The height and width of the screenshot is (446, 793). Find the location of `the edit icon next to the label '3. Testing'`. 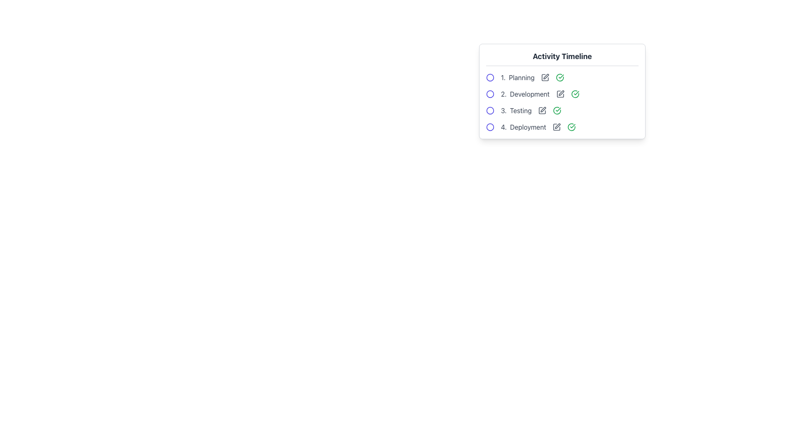

the edit icon next to the label '3. Testing' is located at coordinates (543, 109).